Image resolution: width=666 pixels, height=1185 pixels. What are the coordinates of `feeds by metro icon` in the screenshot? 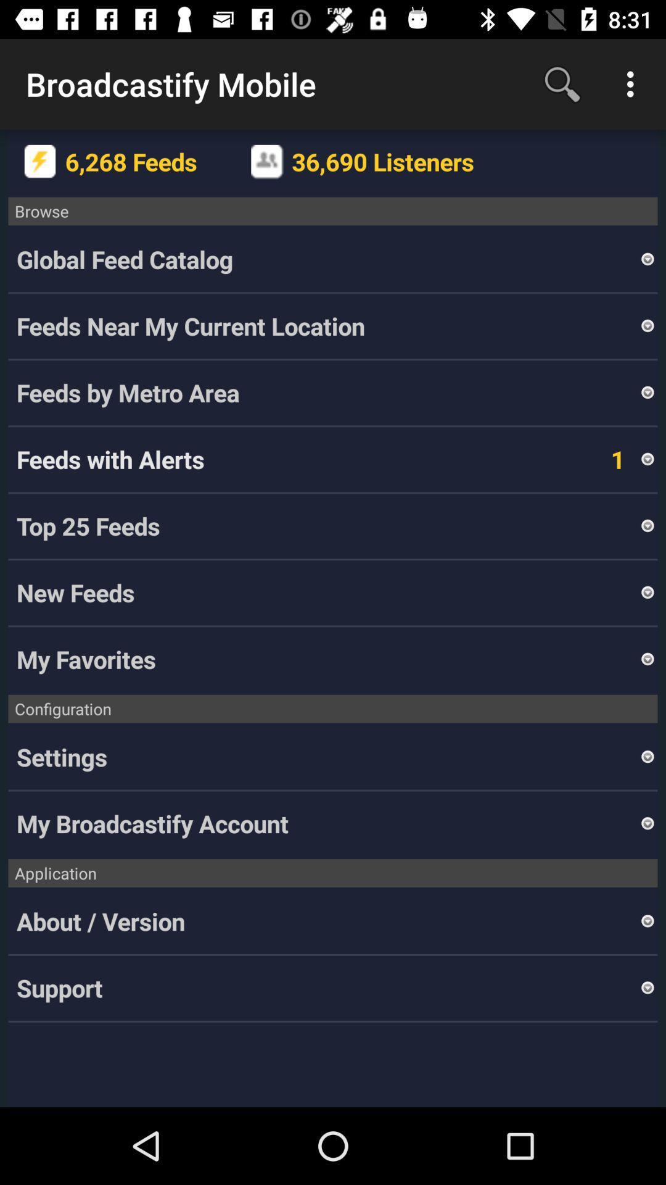 It's located at (327, 392).